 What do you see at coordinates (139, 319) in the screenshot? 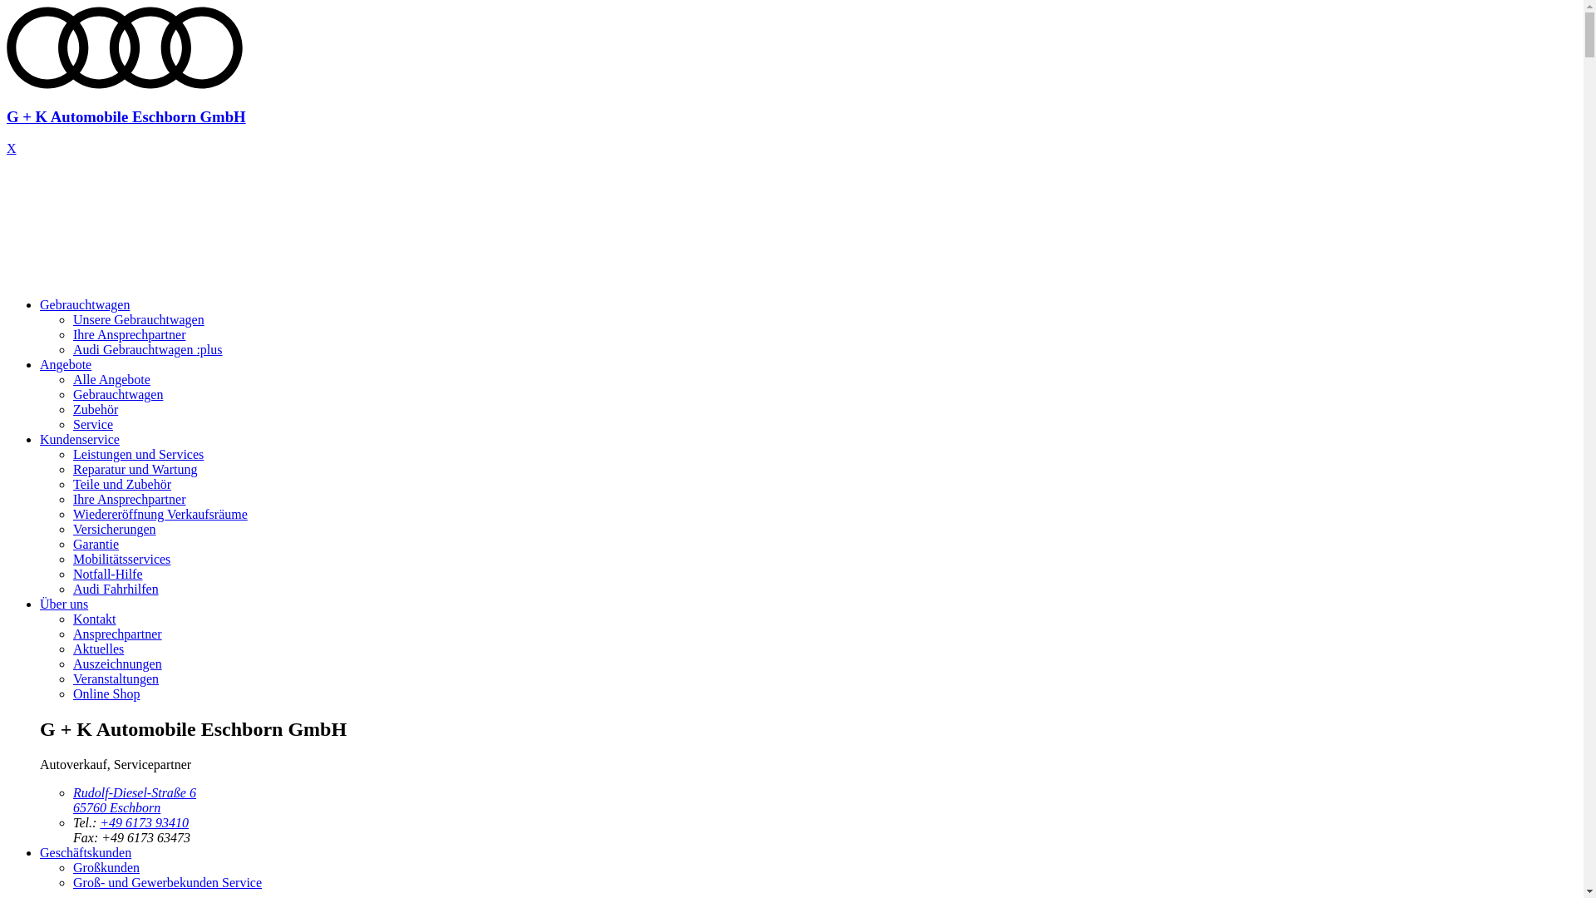
I see `'Unsere Gebrauchtwagen'` at bounding box center [139, 319].